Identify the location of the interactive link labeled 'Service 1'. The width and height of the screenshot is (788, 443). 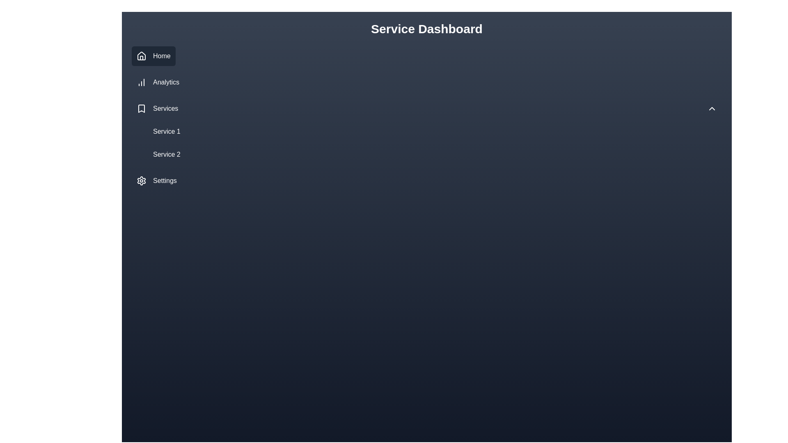
(166, 131).